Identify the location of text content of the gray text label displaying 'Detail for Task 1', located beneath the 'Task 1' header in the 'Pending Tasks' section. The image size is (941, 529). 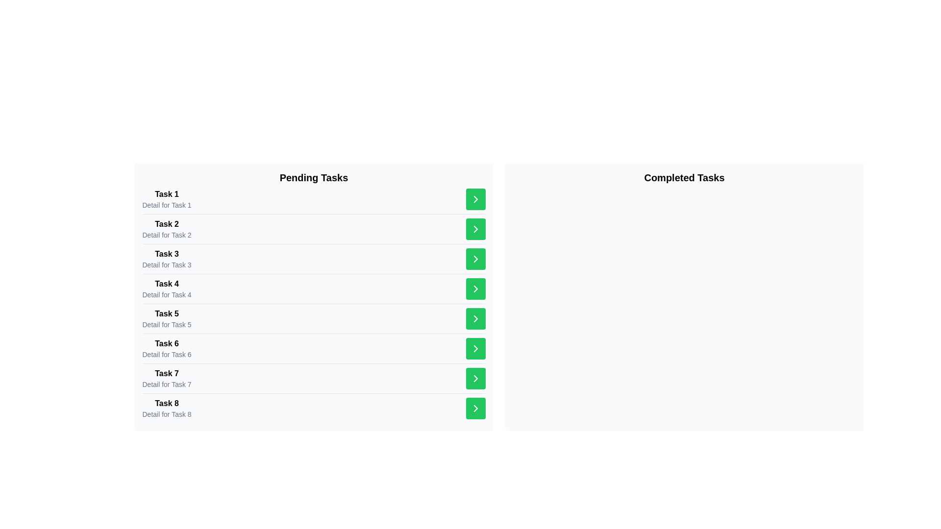
(167, 205).